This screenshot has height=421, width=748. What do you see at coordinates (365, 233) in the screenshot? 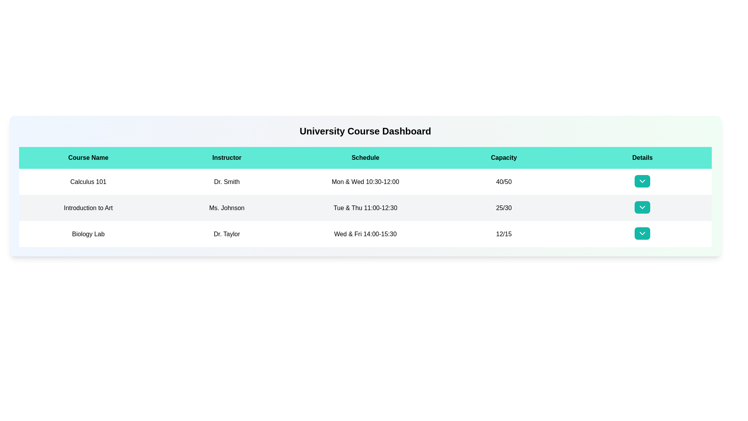
I see `text information from the third row of the table that contains course details for 'Biology Lab', including 'Biology Lab', 'Dr. Taylor', 'Wed & Fri 14:00-15:30', and '12/15'` at bounding box center [365, 233].